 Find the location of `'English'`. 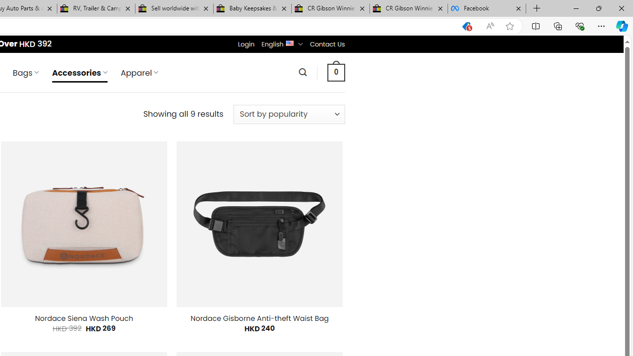

'English' is located at coordinates (289, 42).